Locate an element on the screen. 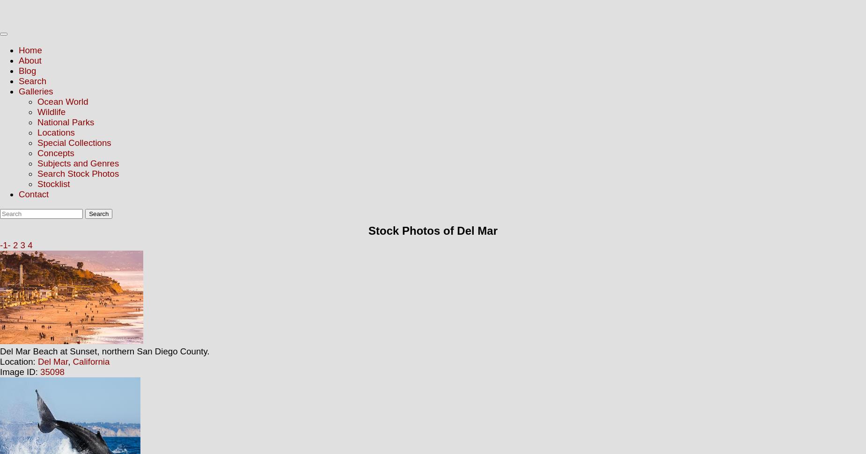  'Location:' is located at coordinates (18, 361).